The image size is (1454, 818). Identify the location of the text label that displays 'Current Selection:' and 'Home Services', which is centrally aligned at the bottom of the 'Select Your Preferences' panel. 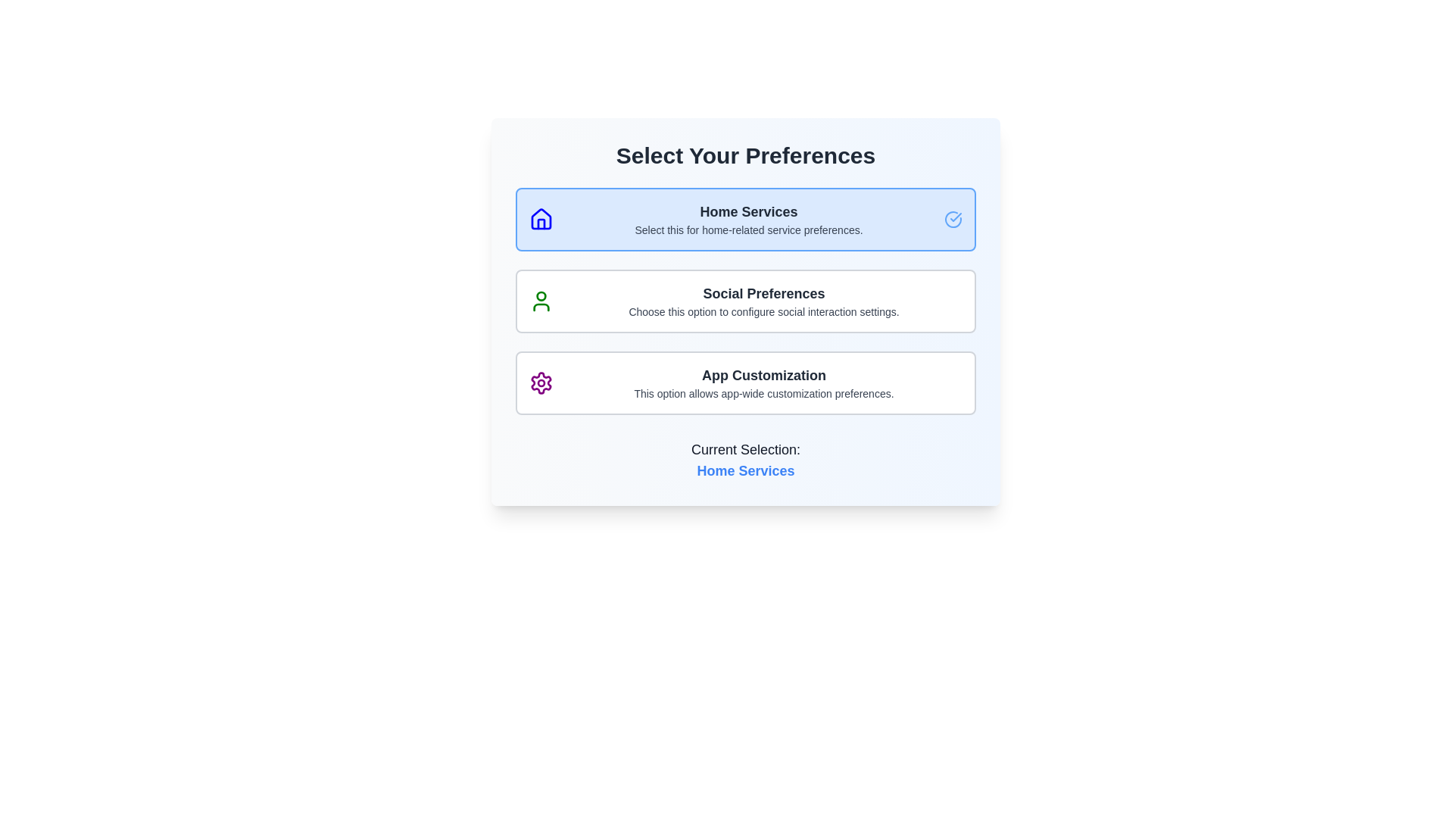
(745, 460).